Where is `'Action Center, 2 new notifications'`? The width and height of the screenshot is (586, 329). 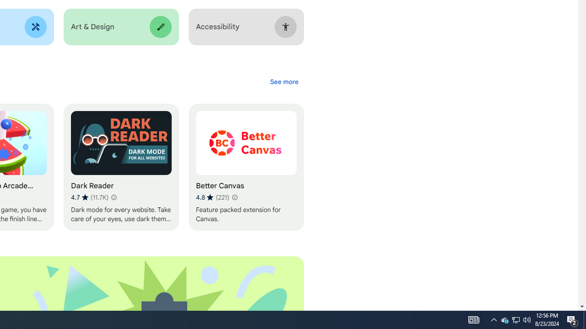
'Action Center, 2 new notifications' is located at coordinates (572, 319).